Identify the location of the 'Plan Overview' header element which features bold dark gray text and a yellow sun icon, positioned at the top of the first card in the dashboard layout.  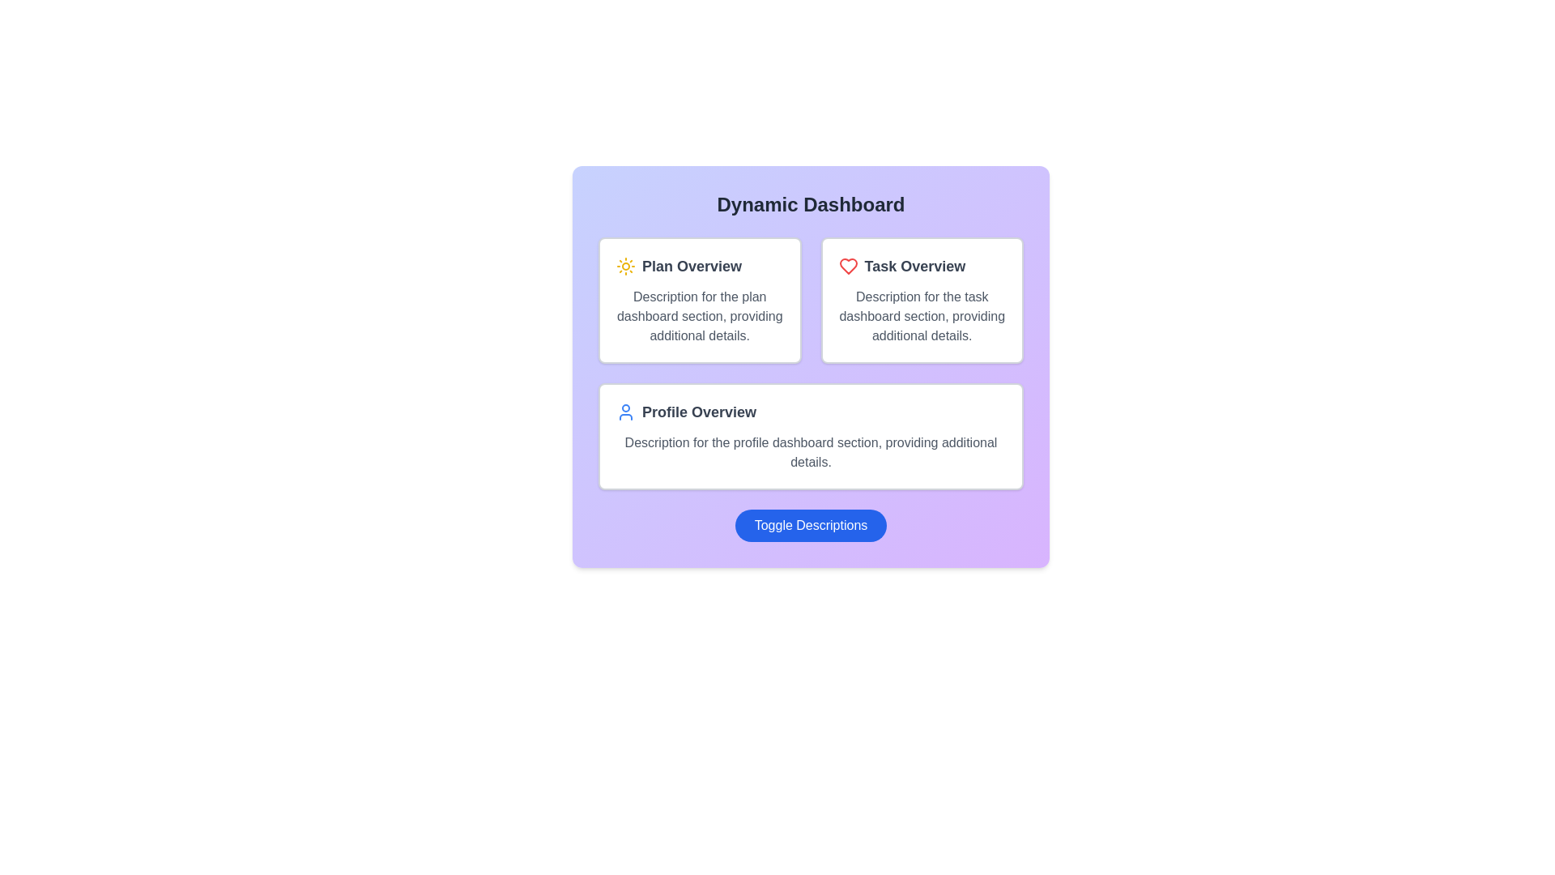
(700, 265).